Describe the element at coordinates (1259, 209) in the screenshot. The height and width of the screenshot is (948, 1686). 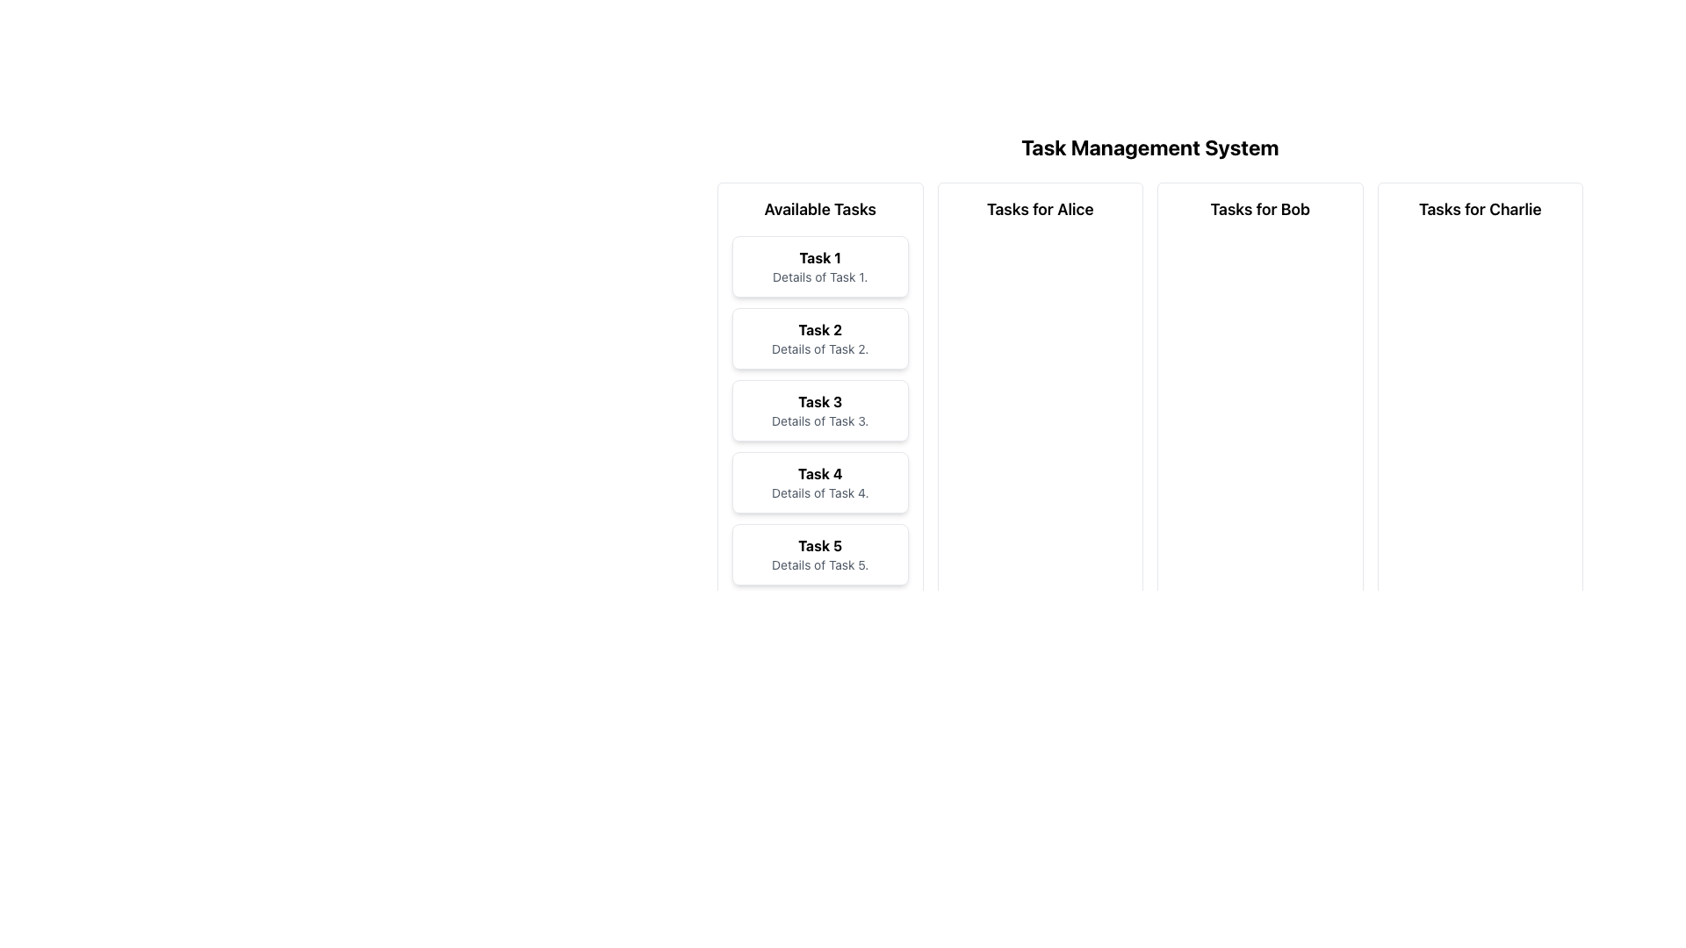
I see `the text heading 'Tasks for Bob'` at that location.